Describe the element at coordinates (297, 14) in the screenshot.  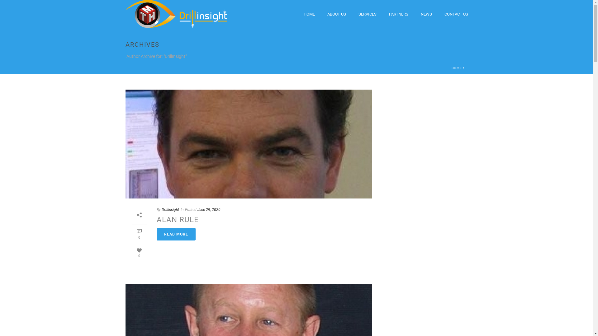
I see `'HOME'` at that location.